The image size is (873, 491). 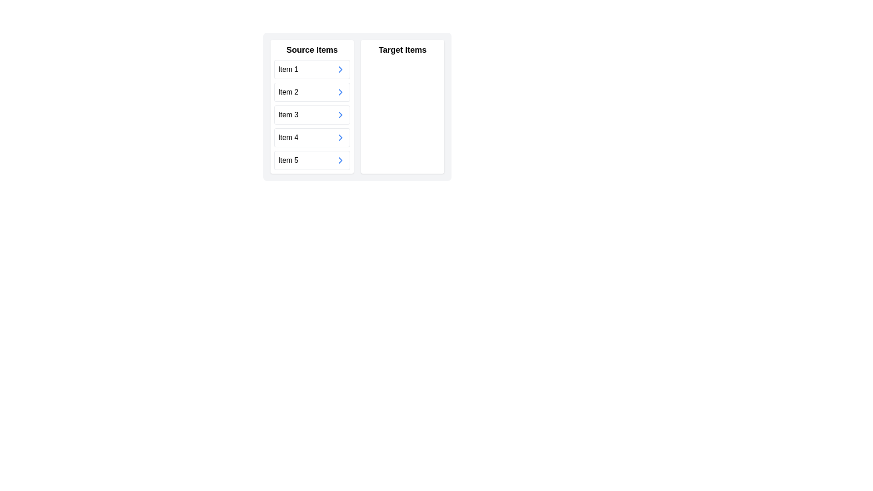 I want to click on the text of the fifth item in the 'Source Items' section, which is a Text Label positioned directly beneath 'Item 4', so click(x=287, y=160).